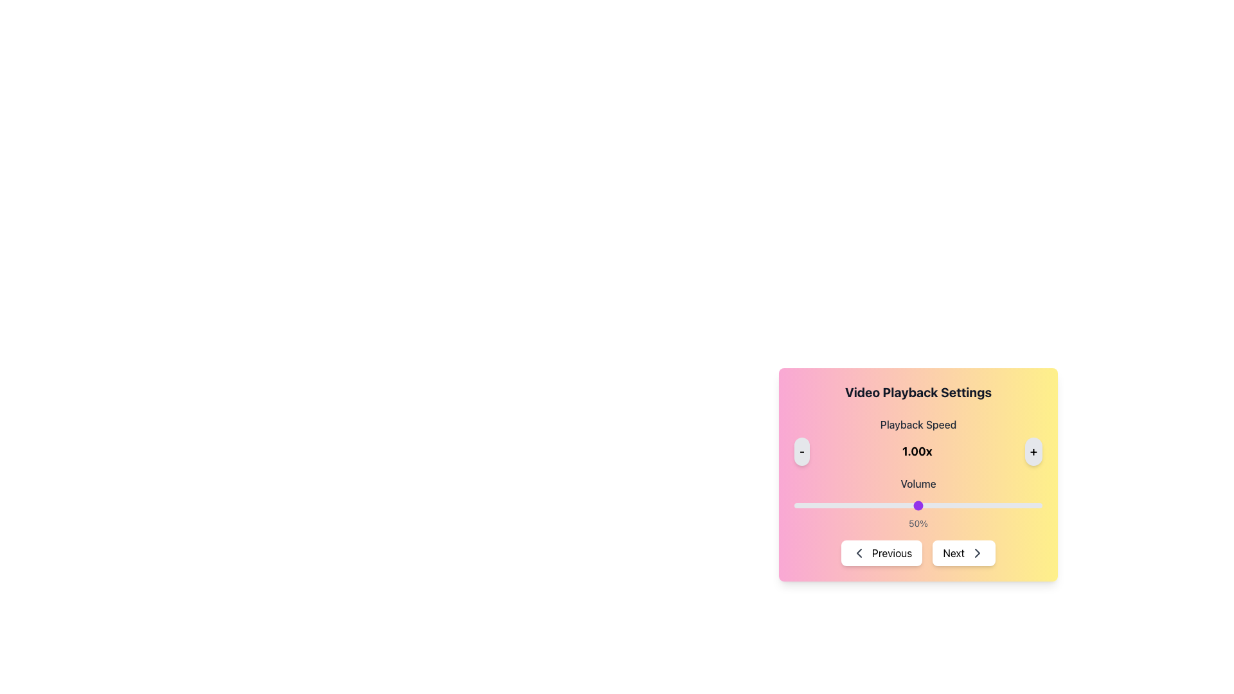 Image resolution: width=1234 pixels, height=694 pixels. I want to click on the Label displaying the current playback speed setting, which is located in the 'Playback Speed' section between the '-' and '+' buttons, so click(918, 450).